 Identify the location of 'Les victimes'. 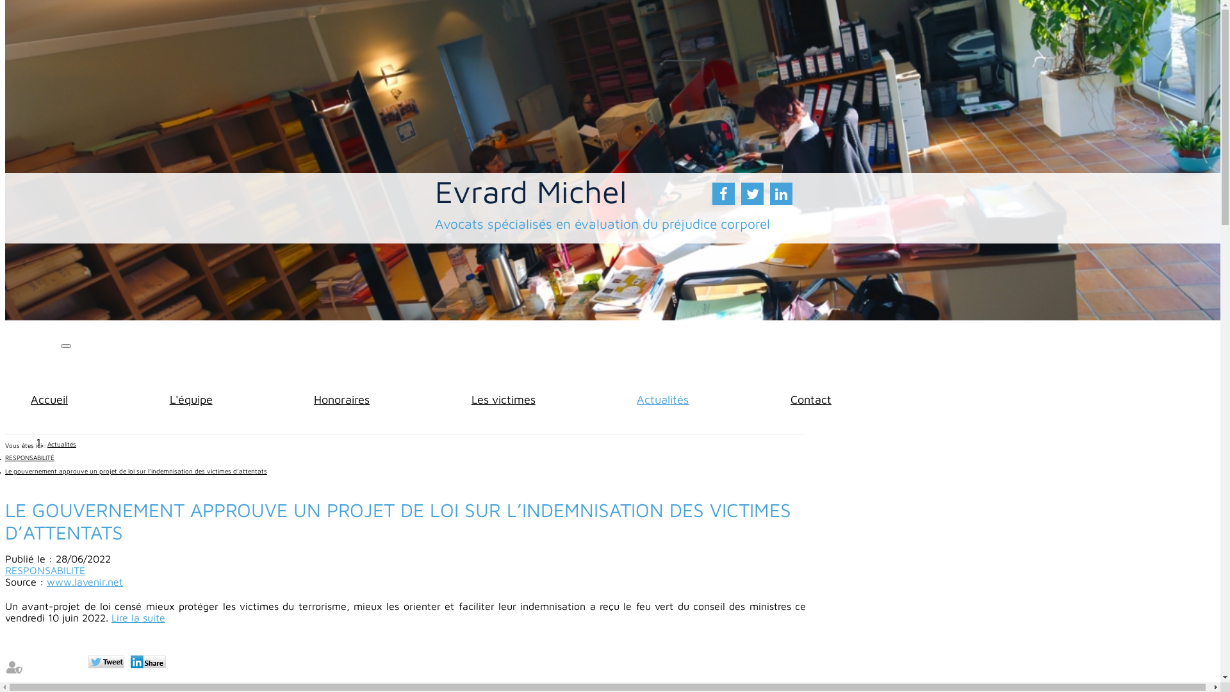
(503, 399).